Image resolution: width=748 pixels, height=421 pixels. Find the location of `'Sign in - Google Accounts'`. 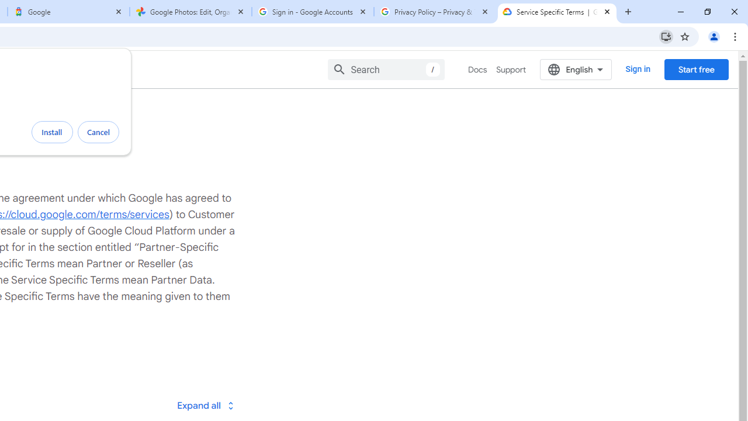

'Sign in - Google Accounts' is located at coordinates (313, 12).